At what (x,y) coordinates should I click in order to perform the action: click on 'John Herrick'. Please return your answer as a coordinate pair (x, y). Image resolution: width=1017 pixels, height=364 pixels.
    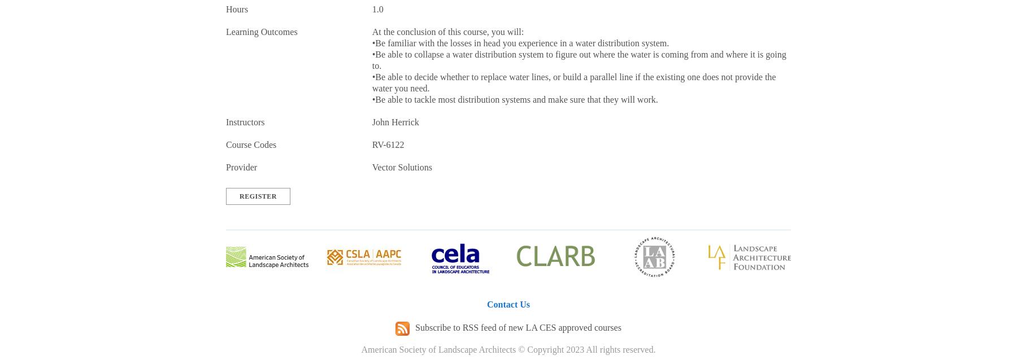
    Looking at the image, I should click on (394, 121).